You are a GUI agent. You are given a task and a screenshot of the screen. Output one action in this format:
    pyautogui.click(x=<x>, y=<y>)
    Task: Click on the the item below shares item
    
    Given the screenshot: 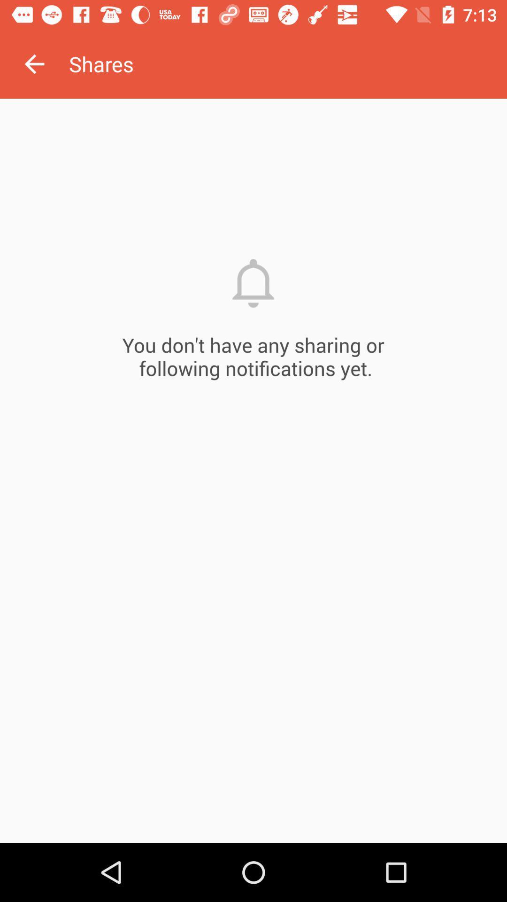 What is the action you would take?
    pyautogui.click(x=253, y=471)
    